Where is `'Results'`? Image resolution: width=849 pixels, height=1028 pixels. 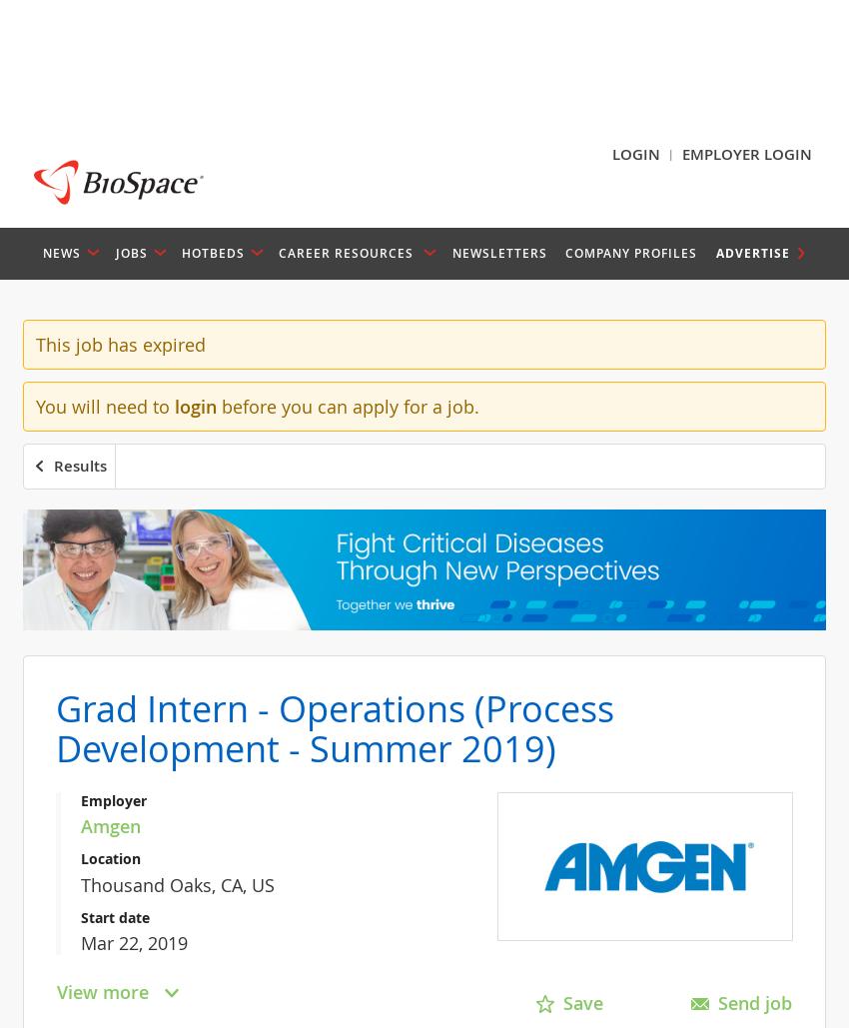 'Results' is located at coordinates (80, 465).